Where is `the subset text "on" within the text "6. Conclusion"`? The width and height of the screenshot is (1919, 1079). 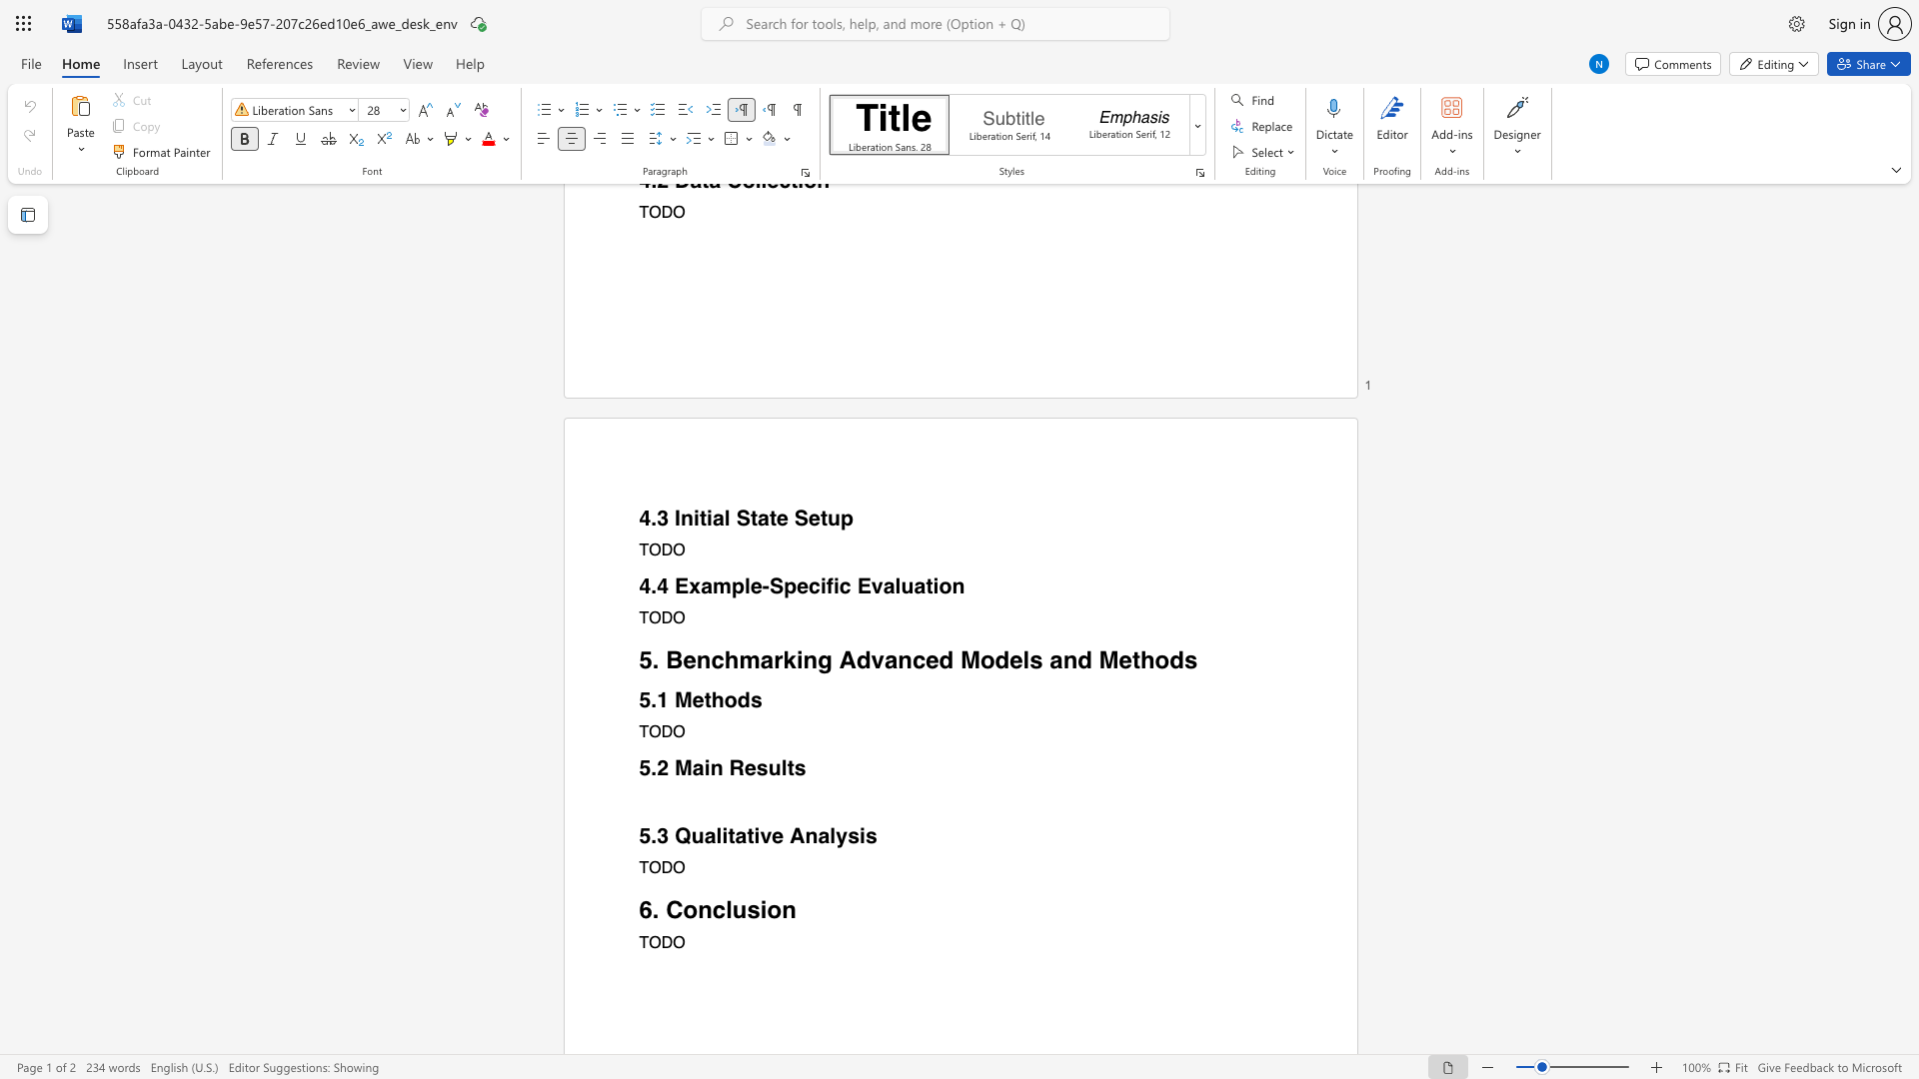
the subset text "on" within the text "6. Conclusion" is located at coordinates (766, 909).